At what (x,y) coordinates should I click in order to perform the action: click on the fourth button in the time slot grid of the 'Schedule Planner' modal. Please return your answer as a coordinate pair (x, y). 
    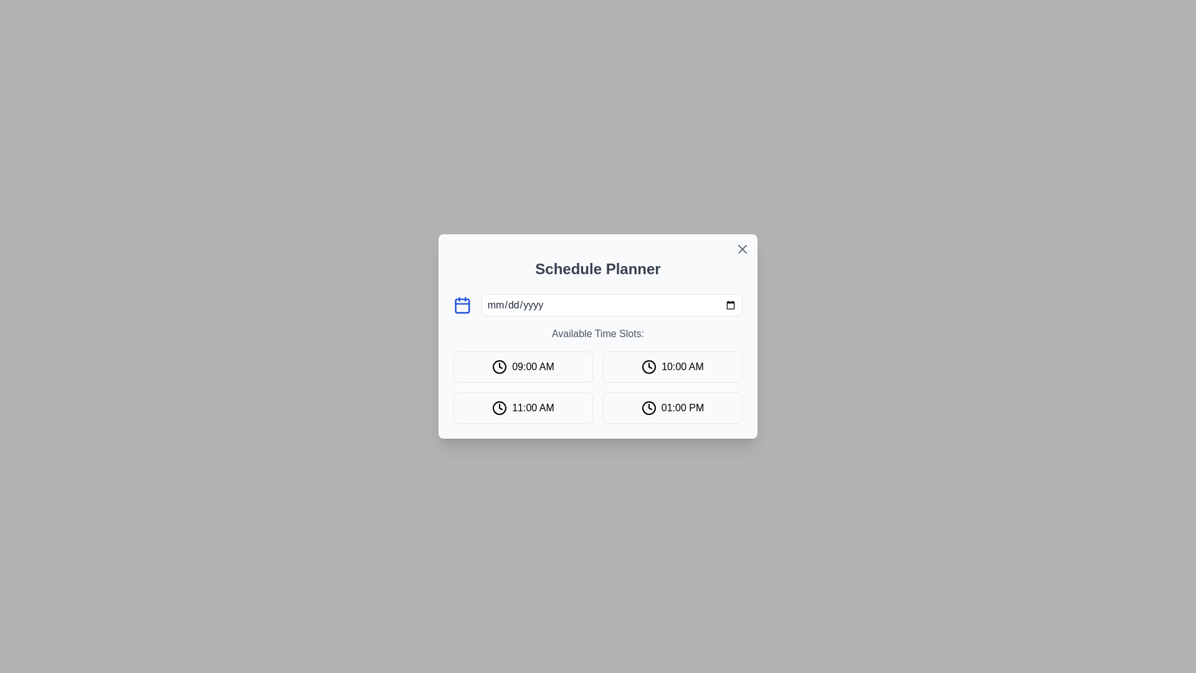
    Looking at the image, I should click on (672, 408).